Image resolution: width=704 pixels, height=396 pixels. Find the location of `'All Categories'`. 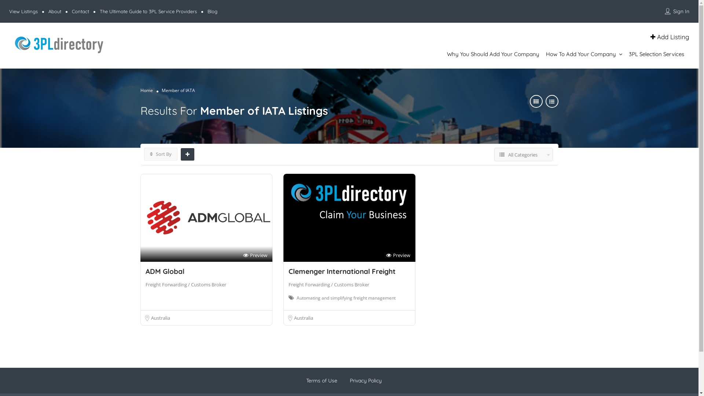

'All Categories' is located at coordinates (505, 154).